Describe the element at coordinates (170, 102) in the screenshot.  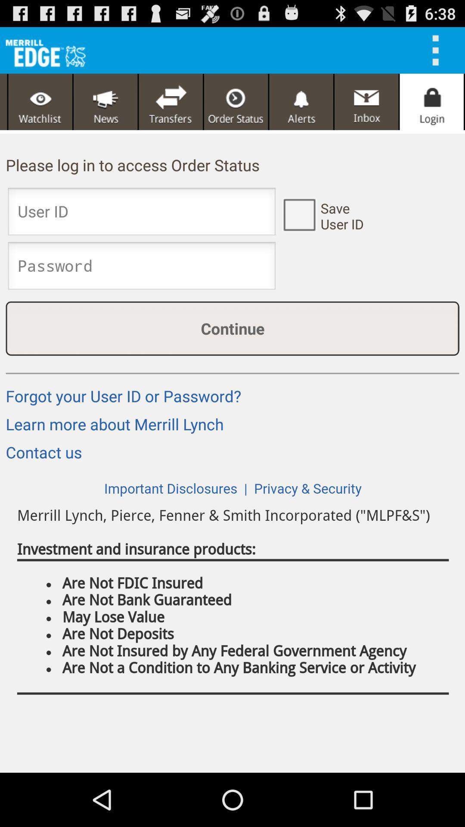
I see `transfer icon` at that location.